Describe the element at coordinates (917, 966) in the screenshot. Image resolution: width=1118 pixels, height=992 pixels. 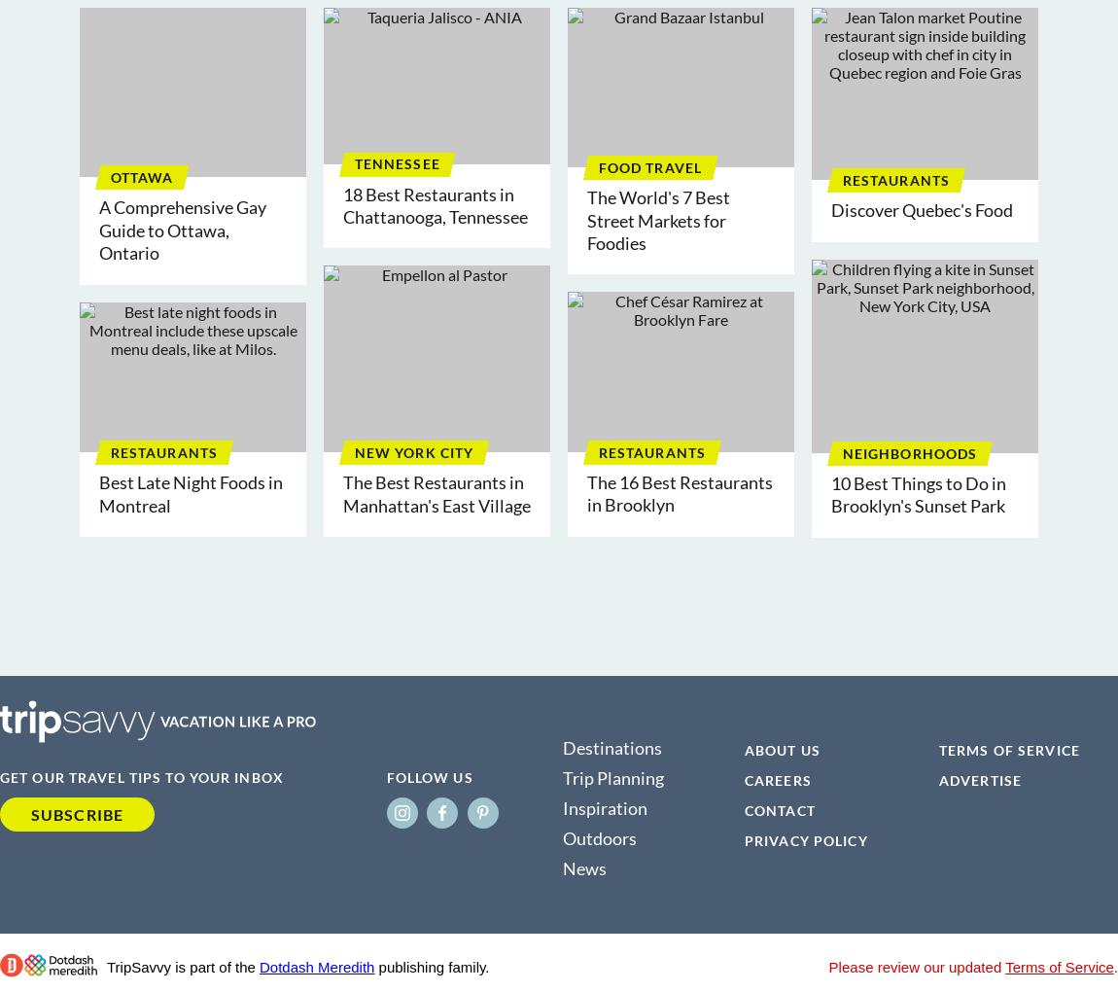
I see `'Please review our updated'` at that location.